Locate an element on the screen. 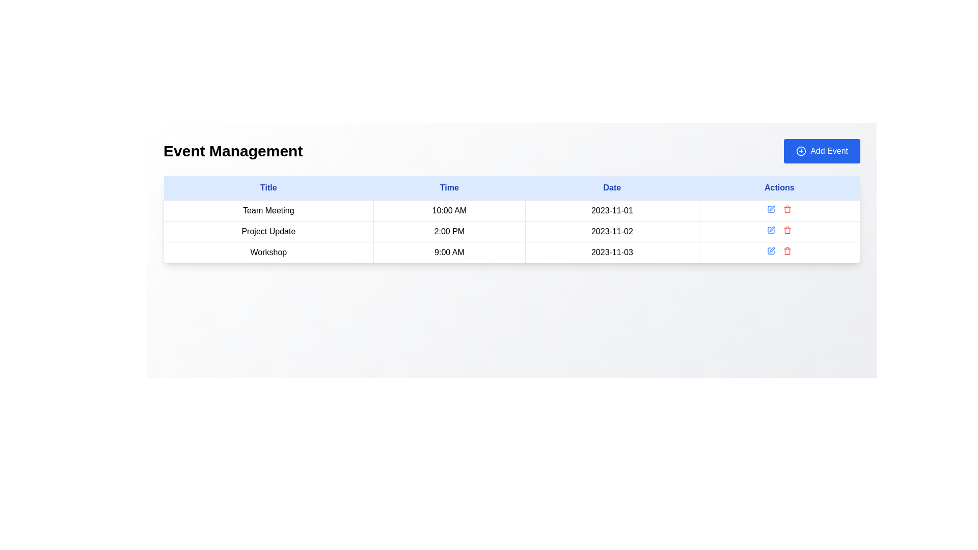 The width and height of the screenshot is (978, 550). the static text element displaying '2023-11-01' located in the second row under the 'Date' column of the table is located at coordinates (611, 210).